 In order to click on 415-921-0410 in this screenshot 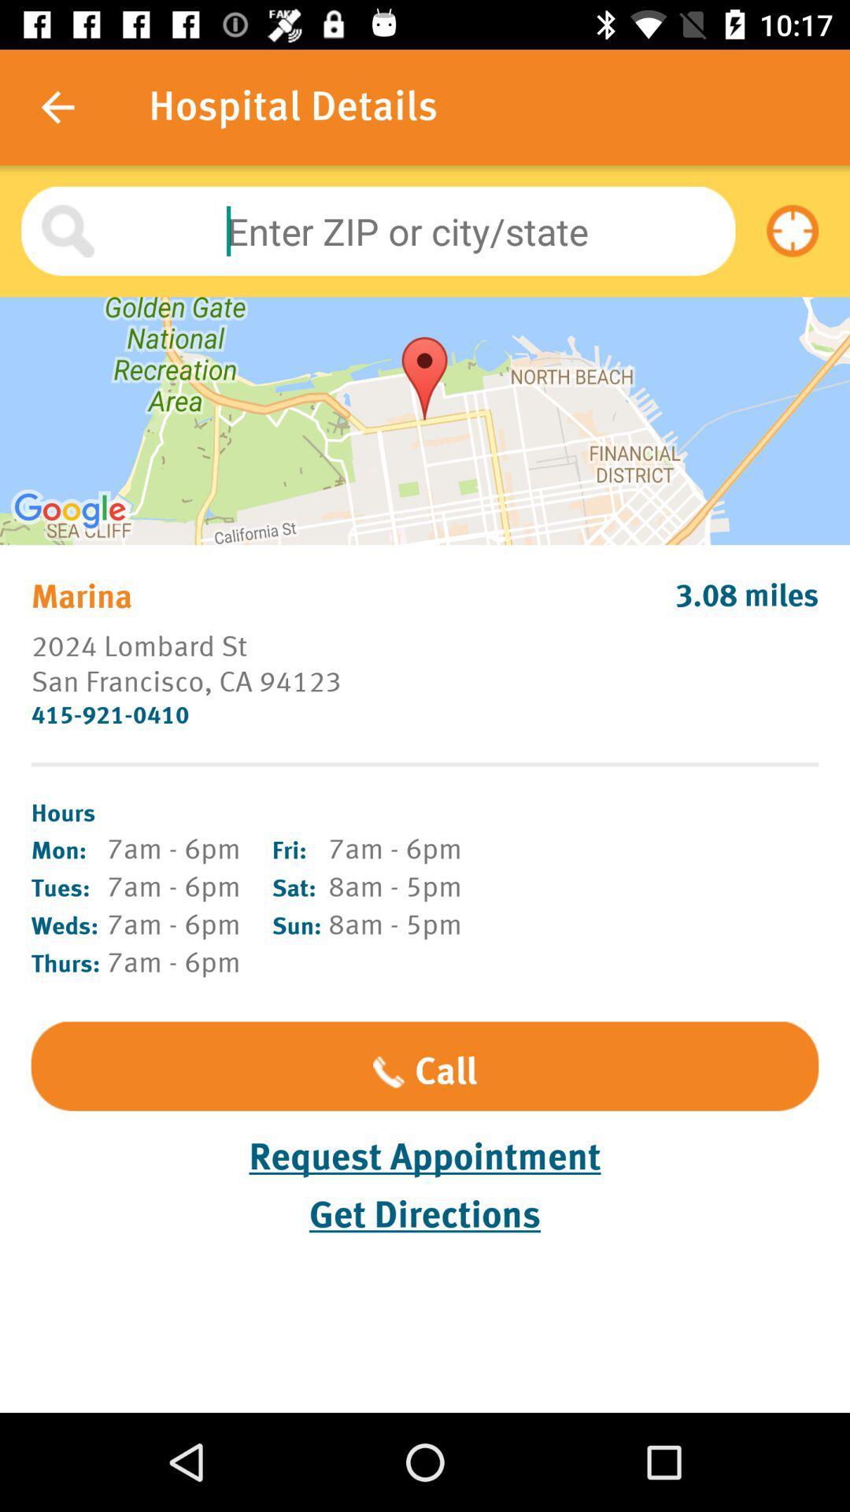, I will do `click(425, 714)`.